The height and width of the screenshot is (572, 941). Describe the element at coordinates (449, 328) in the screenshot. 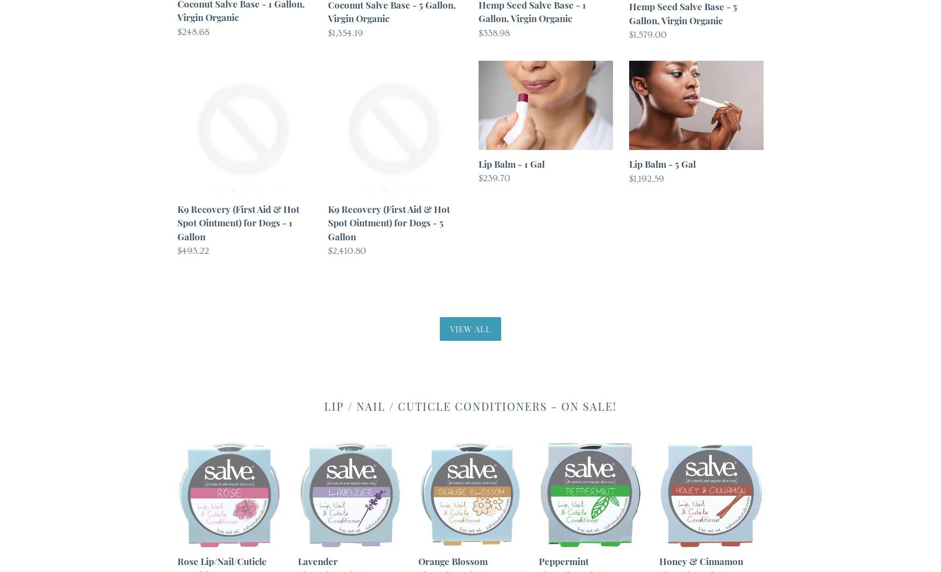

I see `'View all'` at that location.